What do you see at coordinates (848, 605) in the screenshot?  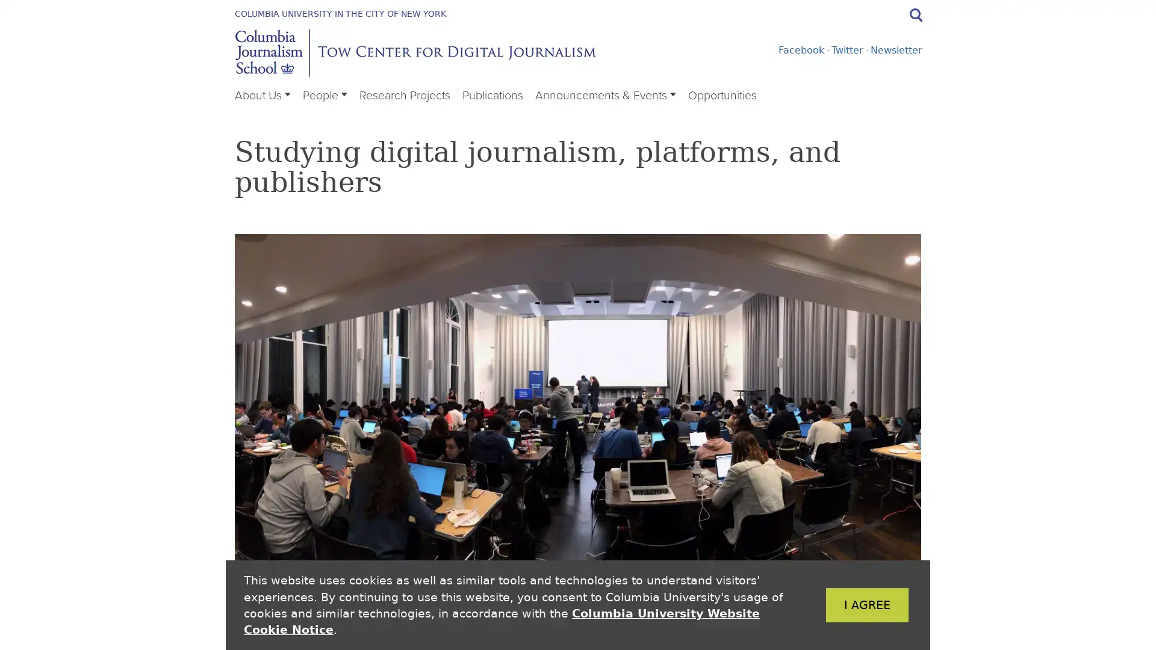 I see `Close Cookie Notice I AGREE` at bounding box center [848, 605].